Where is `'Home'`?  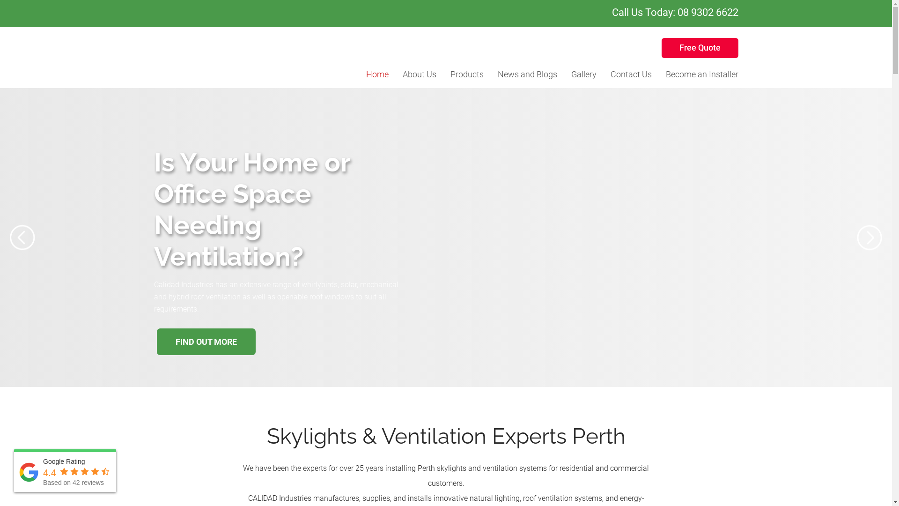
'Home' is located at coordinates (366, 74).